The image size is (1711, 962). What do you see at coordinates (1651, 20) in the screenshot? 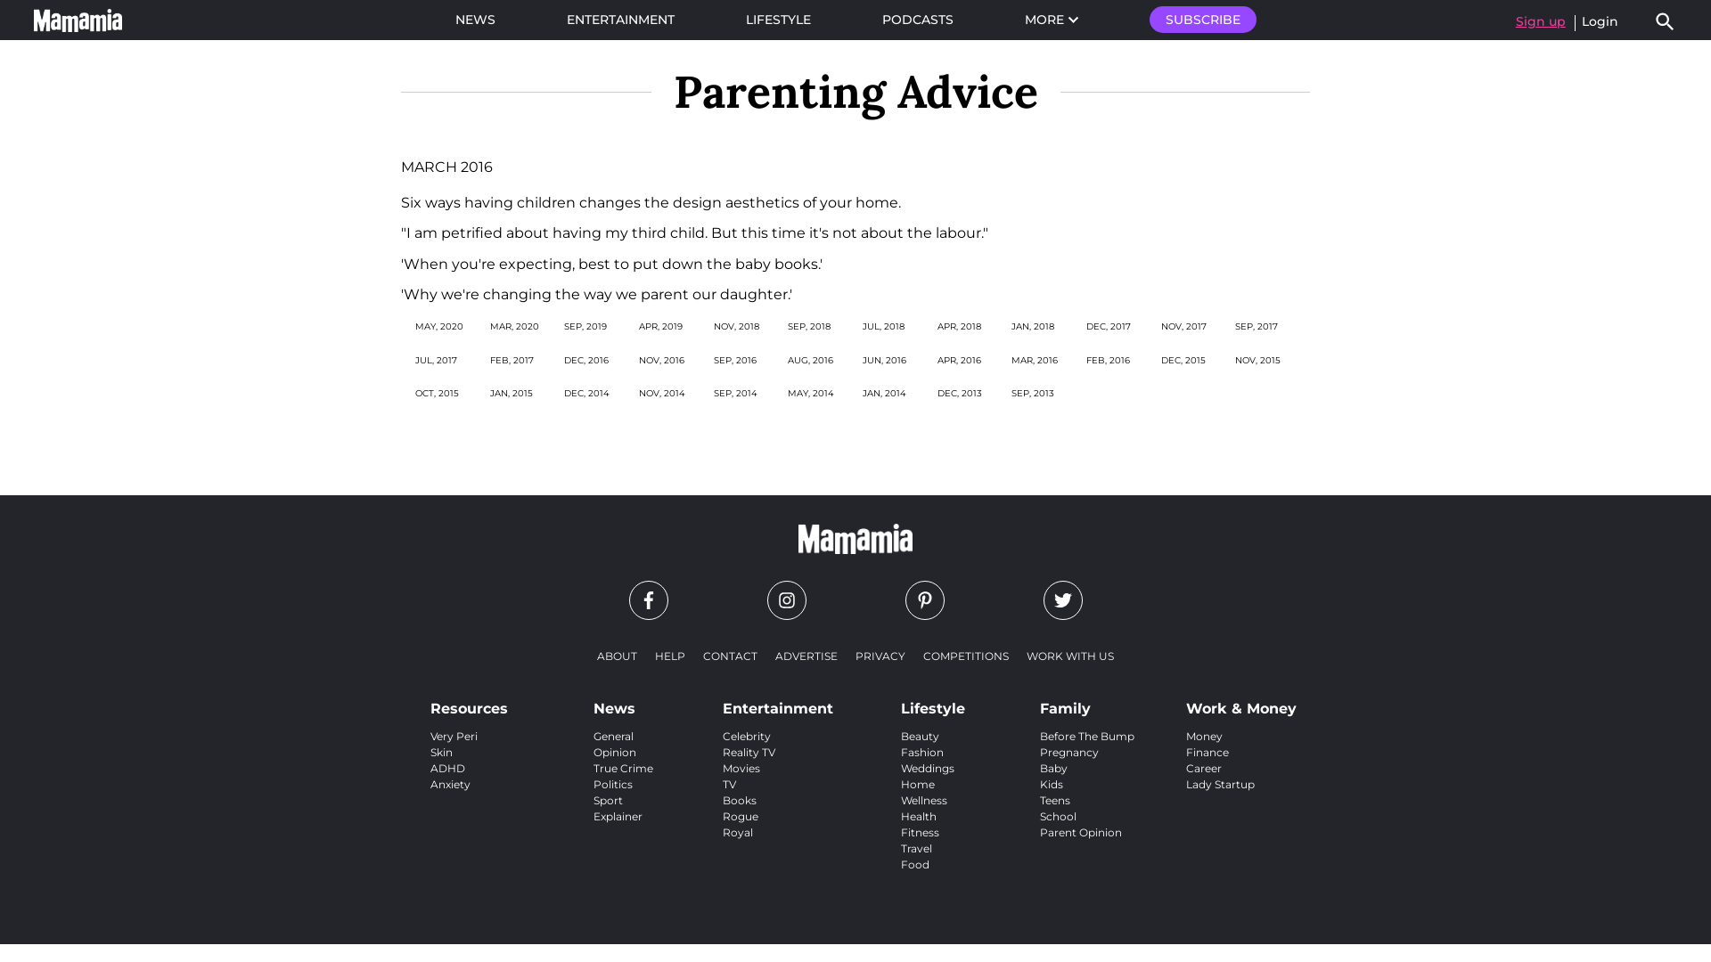
I see `'Search'` at bounding box center [1651, 20].